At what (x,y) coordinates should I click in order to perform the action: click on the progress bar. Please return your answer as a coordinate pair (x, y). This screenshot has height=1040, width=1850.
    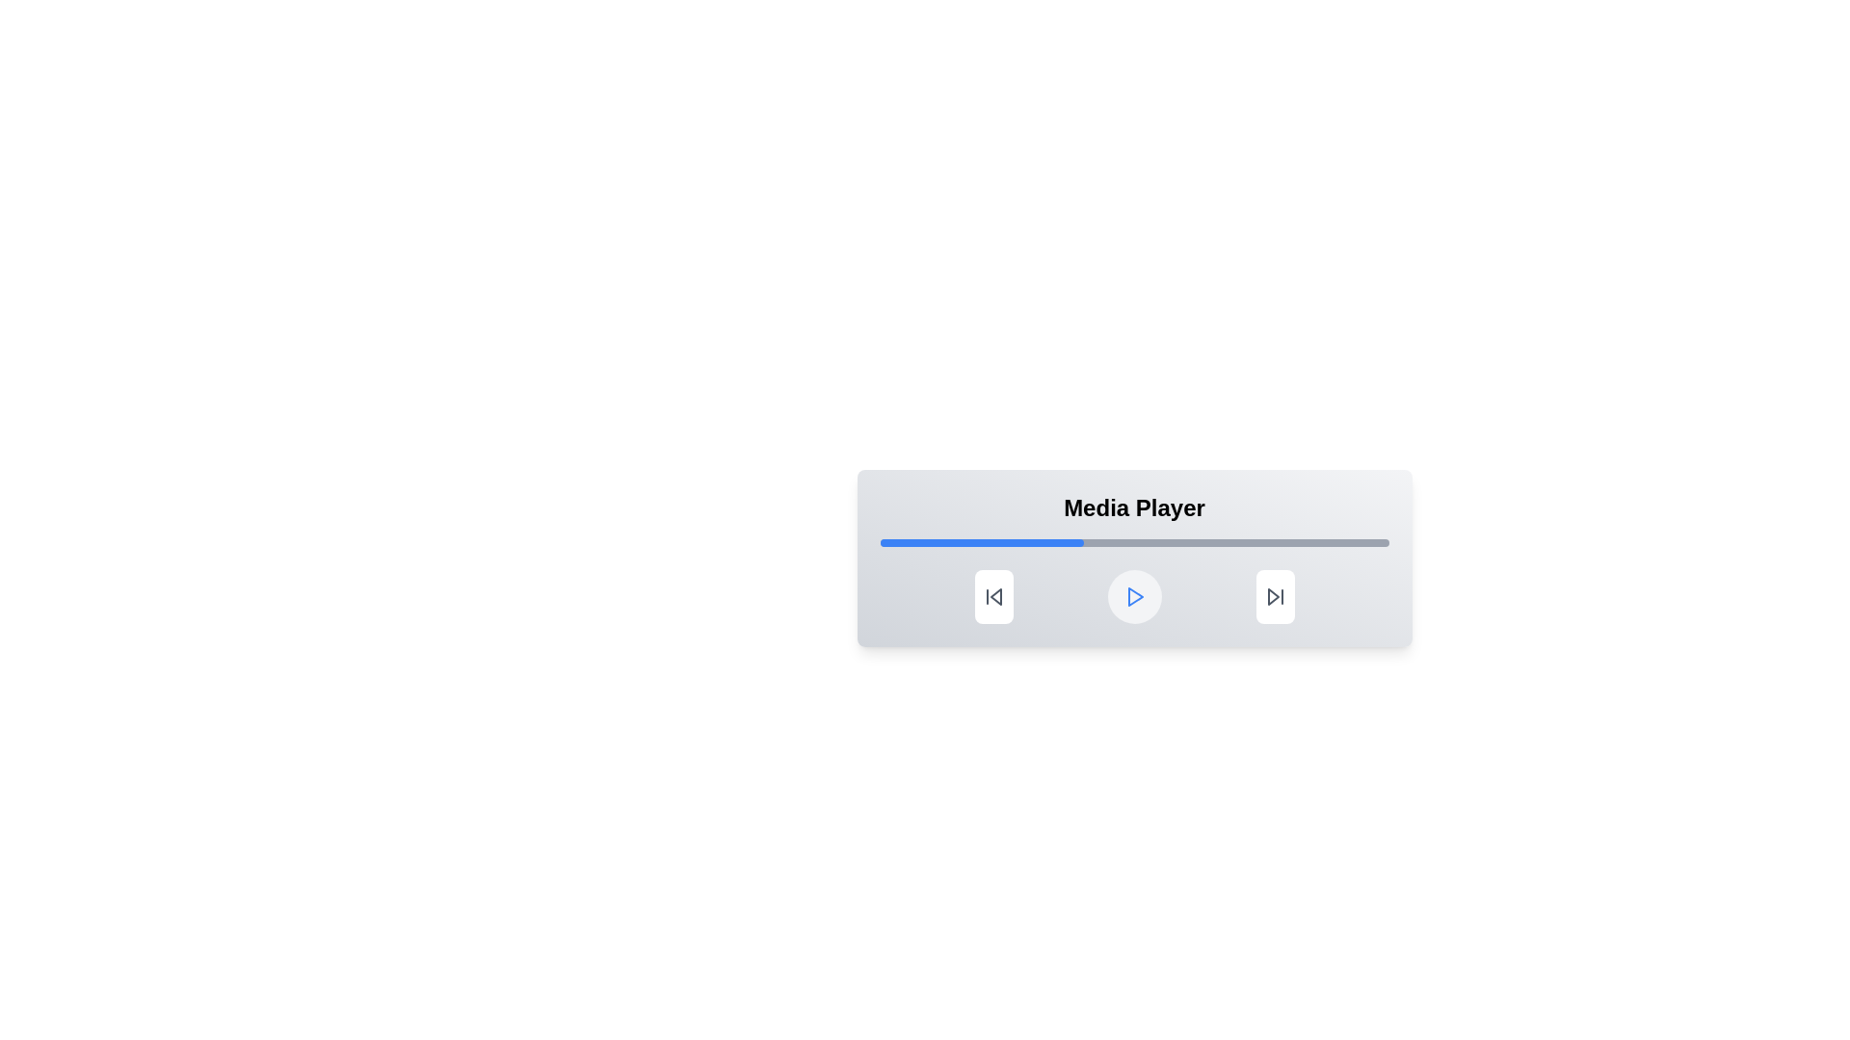
    Looking at the image, I should click on (1383, 542).